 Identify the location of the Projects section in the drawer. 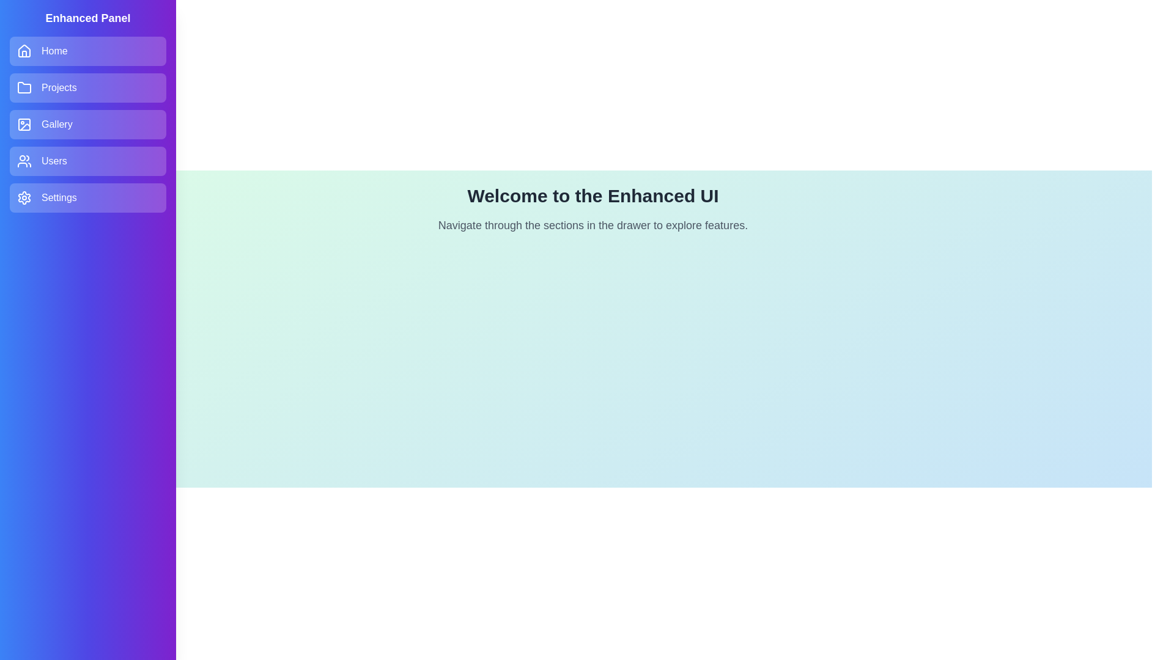
(87, 87).